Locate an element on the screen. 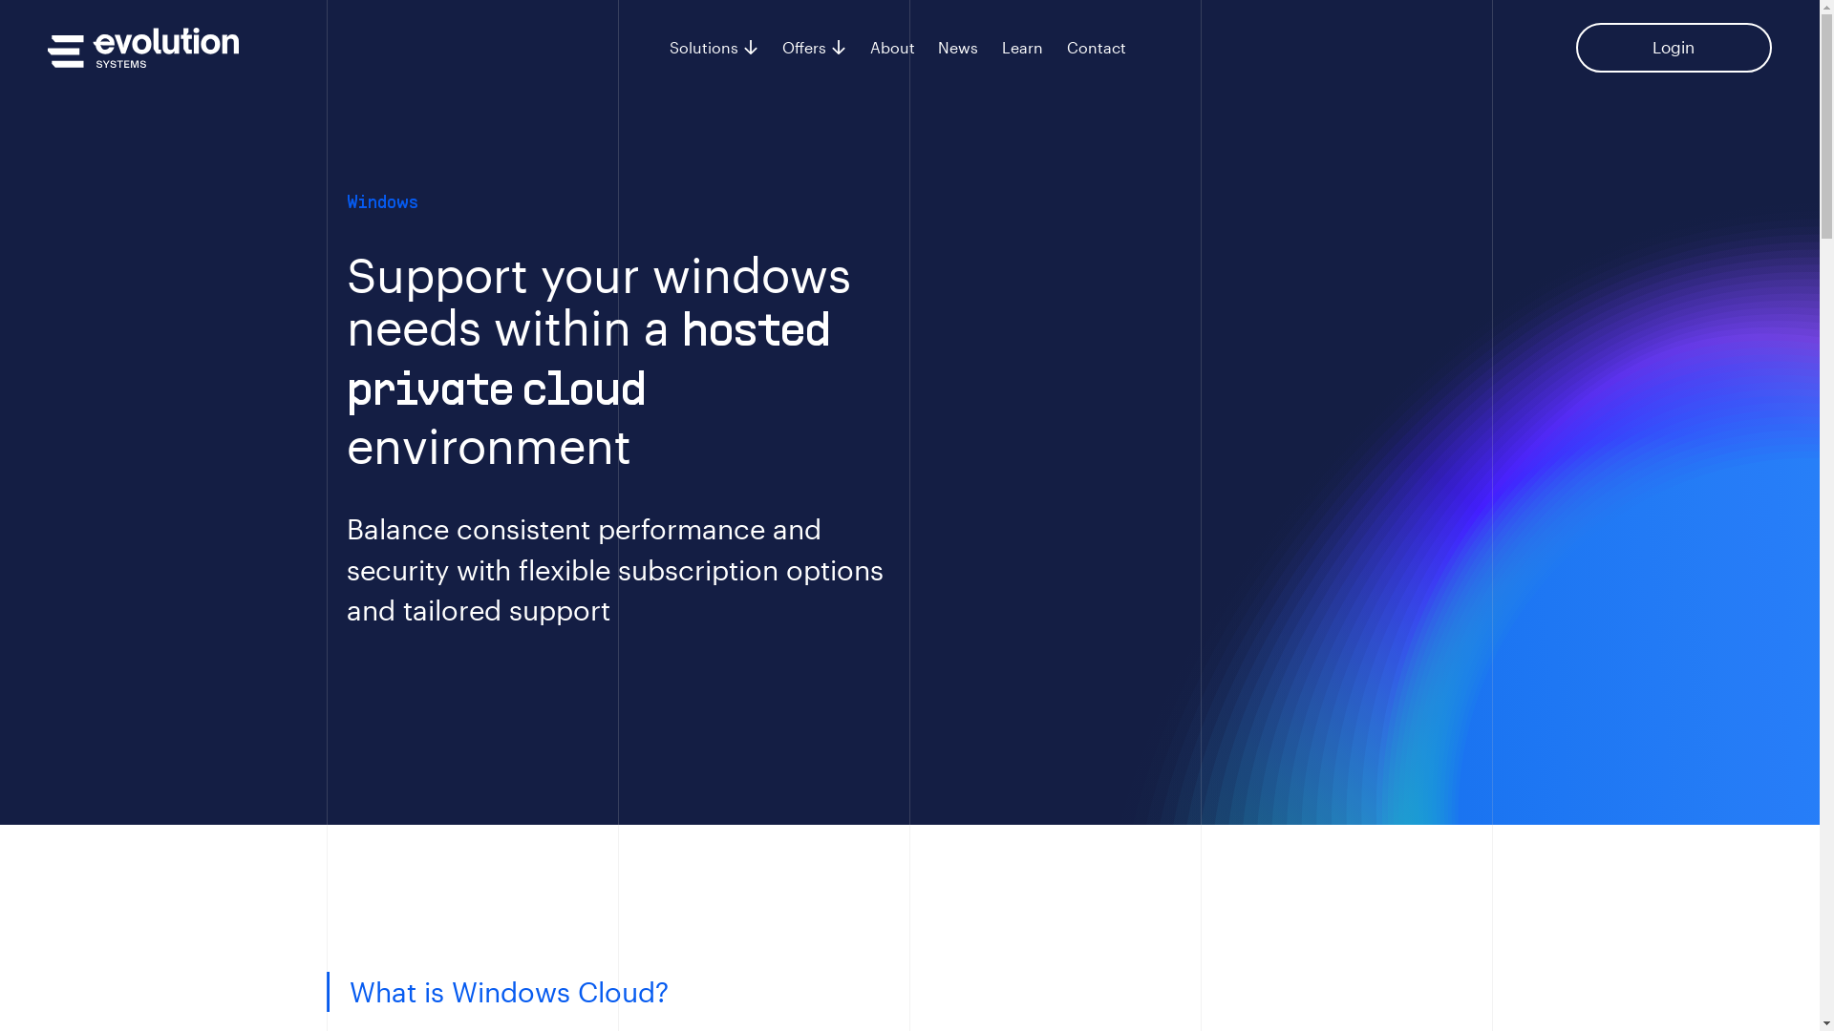 The width and height of the screenshot is (1834, 1031). 'About' is located at coordinates (891, 47).